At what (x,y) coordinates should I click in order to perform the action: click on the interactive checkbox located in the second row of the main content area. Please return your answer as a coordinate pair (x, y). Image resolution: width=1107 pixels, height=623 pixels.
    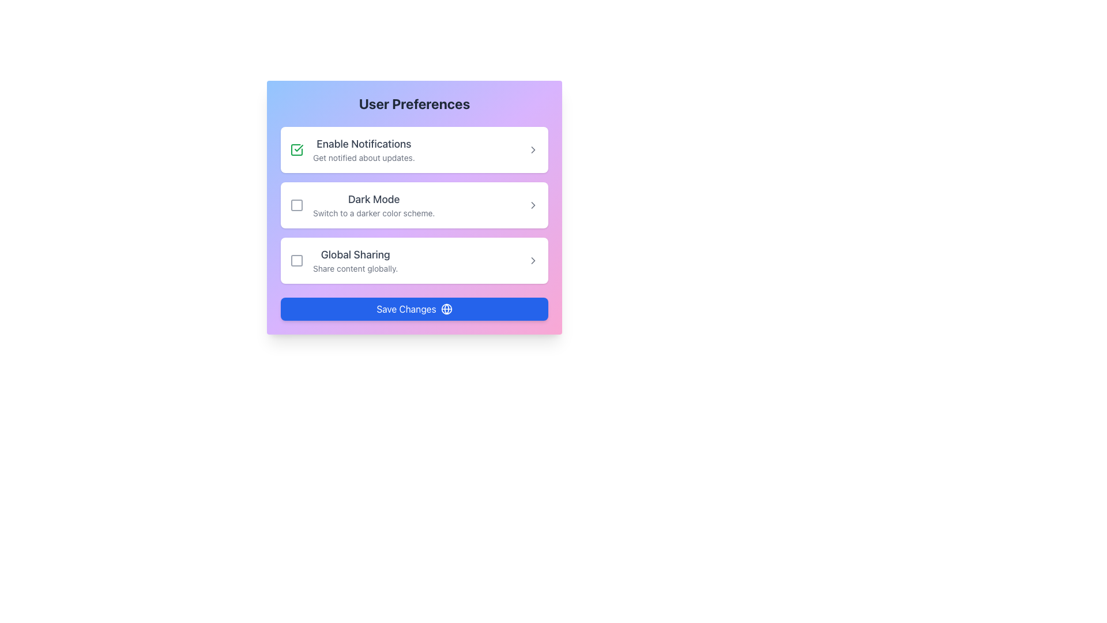
    Looking at the image, I should click on (296, 204).